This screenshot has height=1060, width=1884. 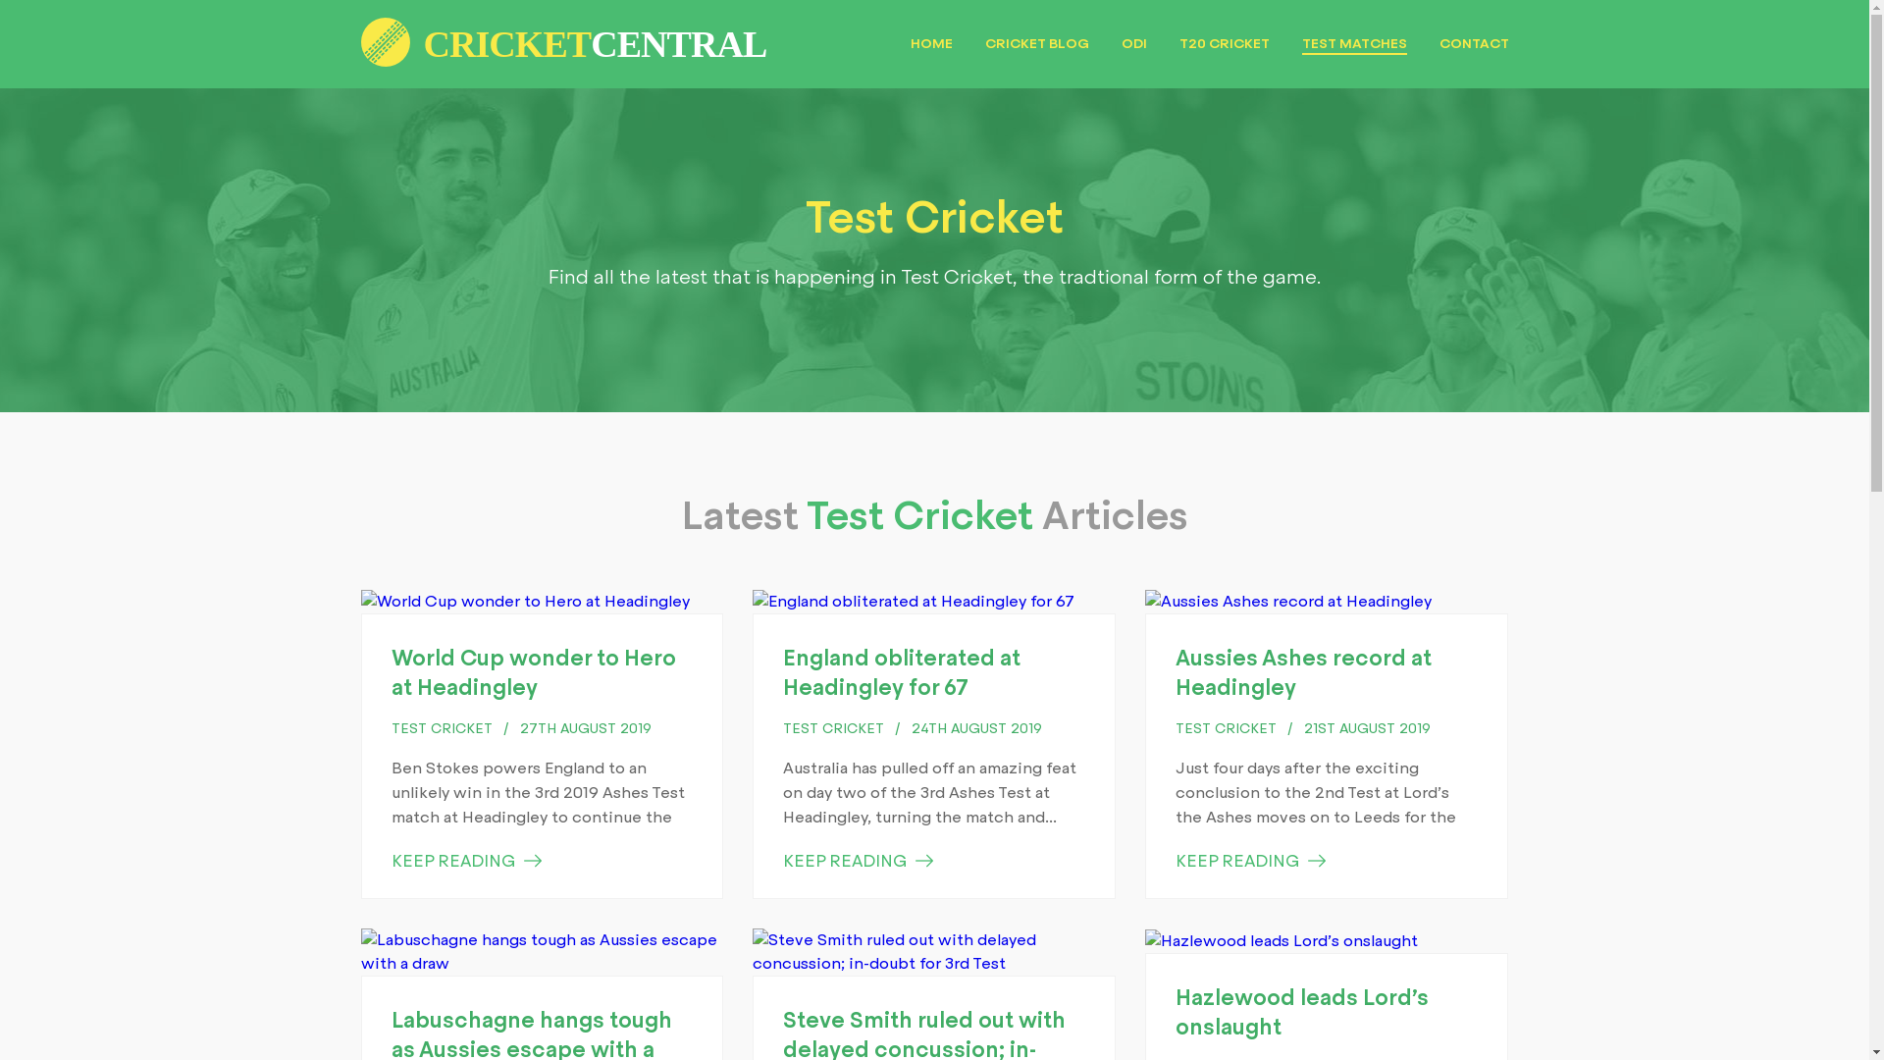 What do you see at coordinates (930, 42) in the screenshot?
I see `'HOME'` at bounding box center [930, 42].